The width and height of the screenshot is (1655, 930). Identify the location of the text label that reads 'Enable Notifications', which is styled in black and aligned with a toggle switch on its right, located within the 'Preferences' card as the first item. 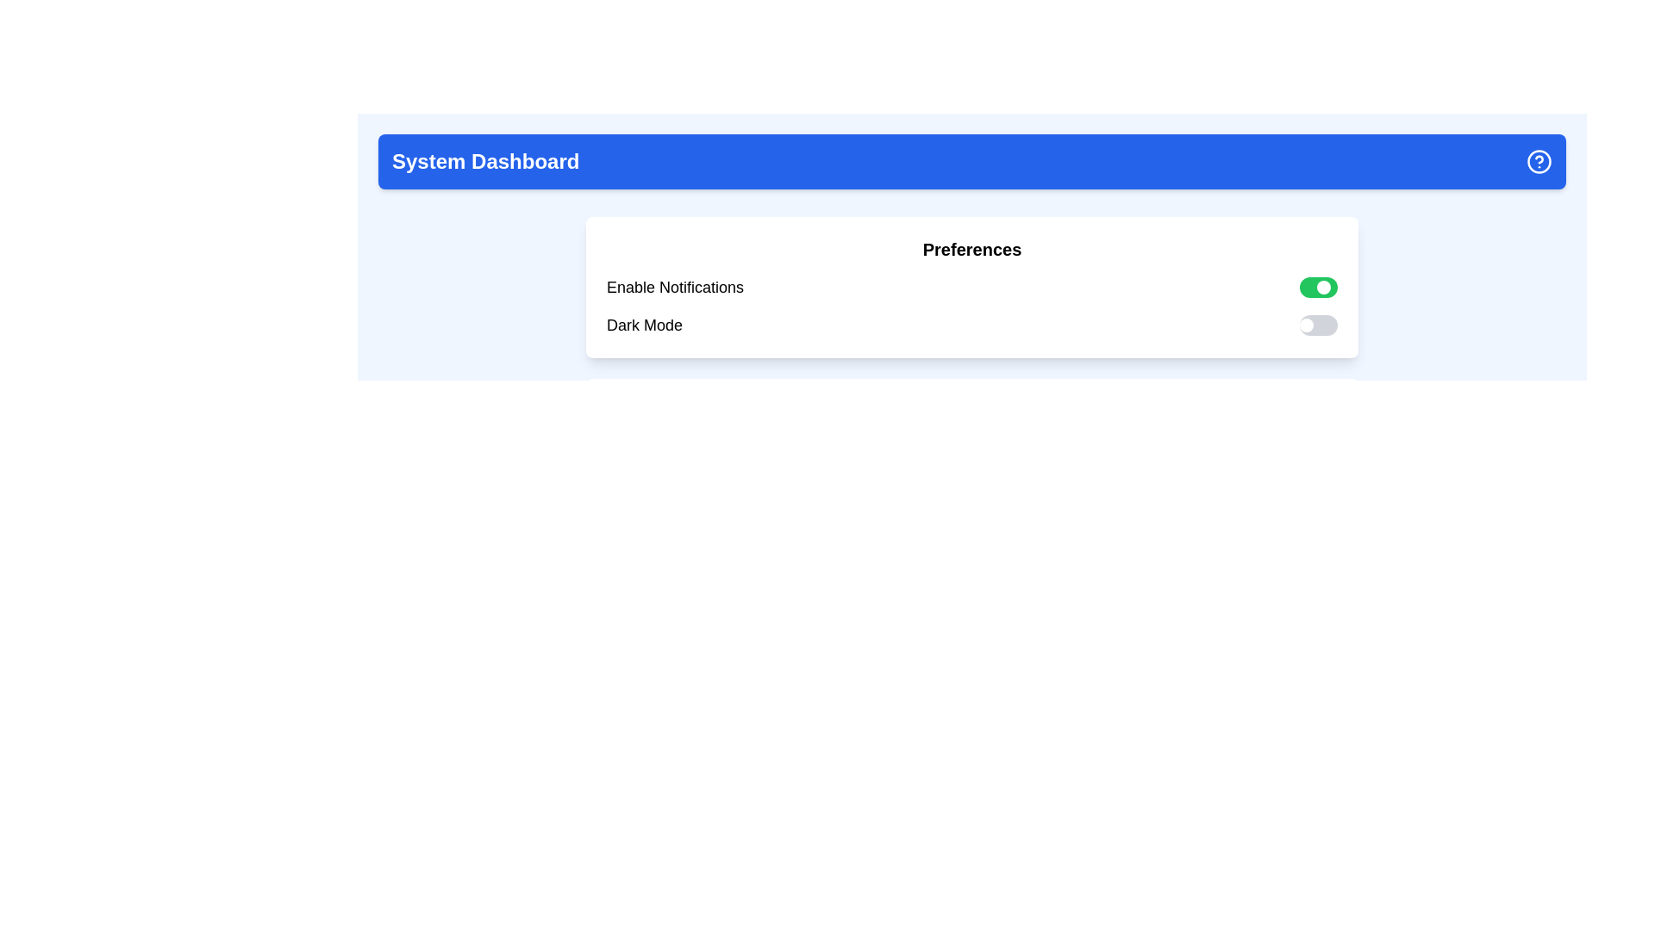
(674, 287).